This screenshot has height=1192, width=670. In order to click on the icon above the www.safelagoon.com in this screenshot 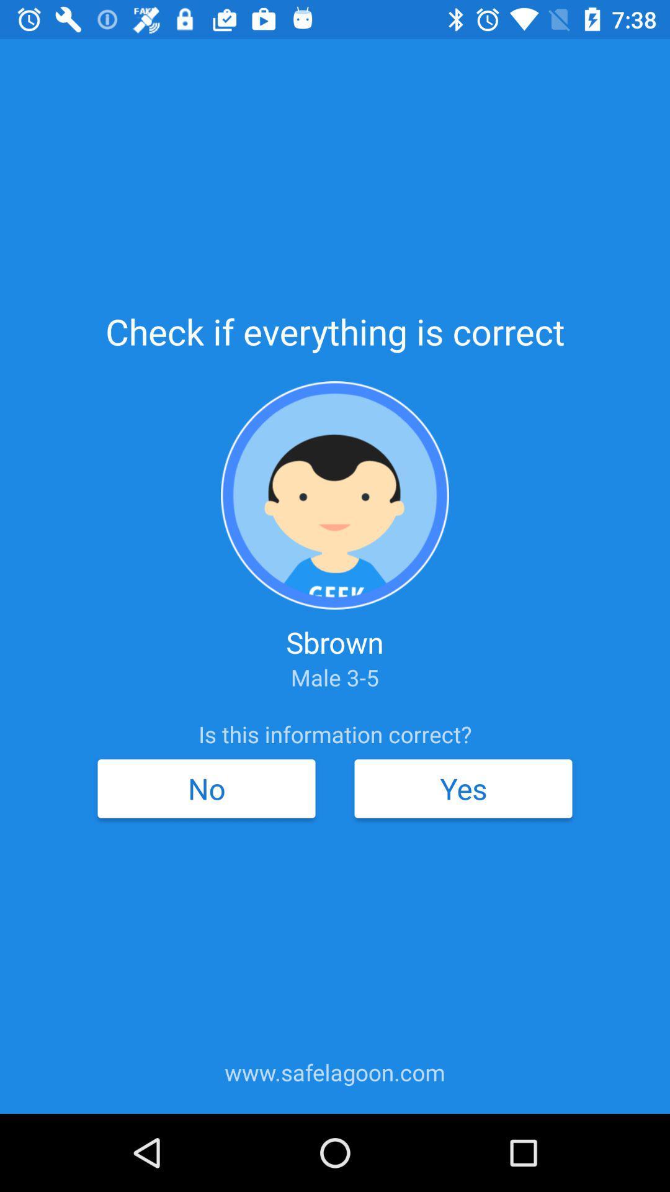, I will do `click(205, 788)`.